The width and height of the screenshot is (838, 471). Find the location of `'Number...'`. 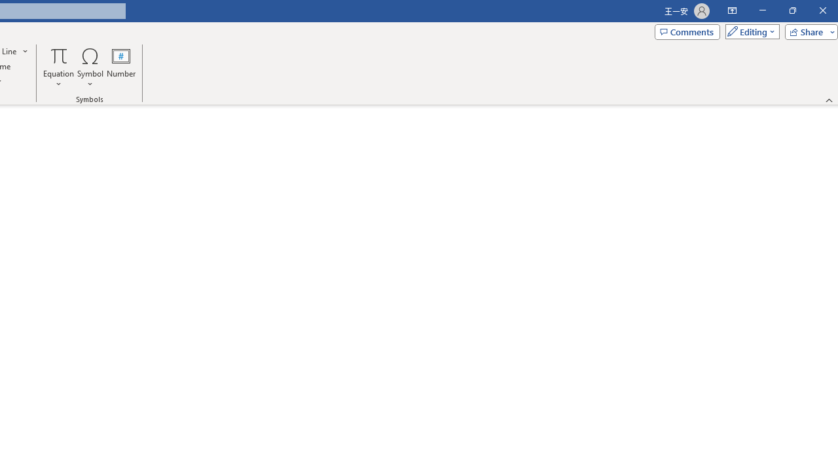

'Number...' is located at coordinates (121, 67).